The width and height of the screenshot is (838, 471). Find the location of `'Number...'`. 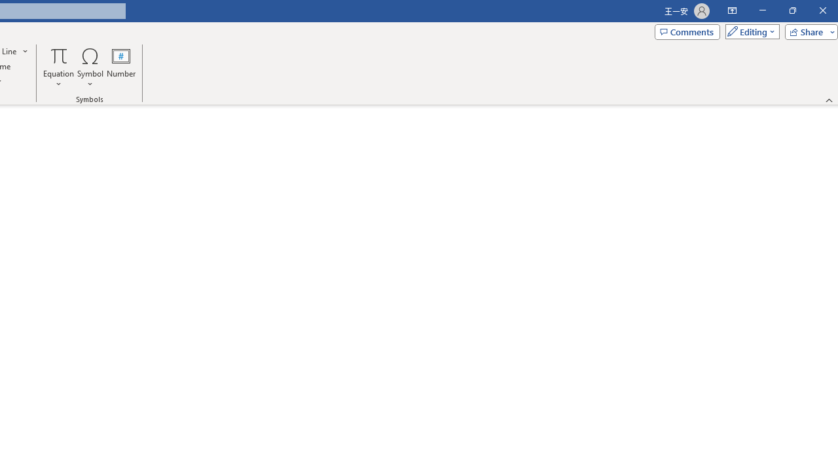

'Number...' is located at coordinates (121, 67).